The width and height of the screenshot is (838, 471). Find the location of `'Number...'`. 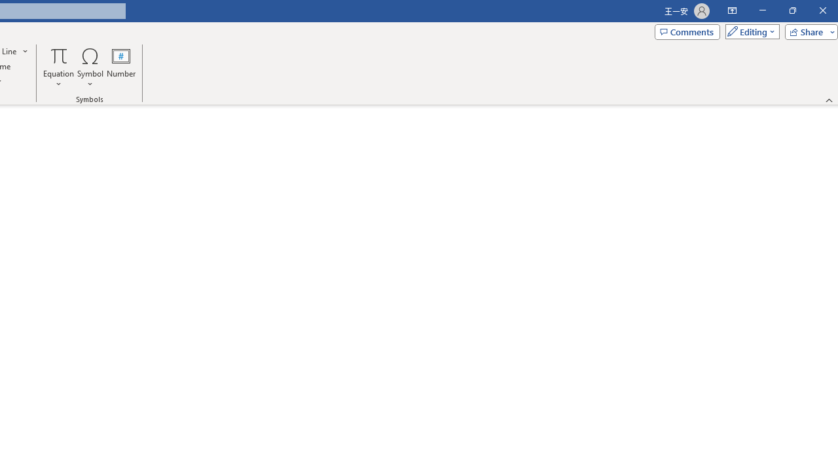

'Number...' is located at coordinates (121, 67).